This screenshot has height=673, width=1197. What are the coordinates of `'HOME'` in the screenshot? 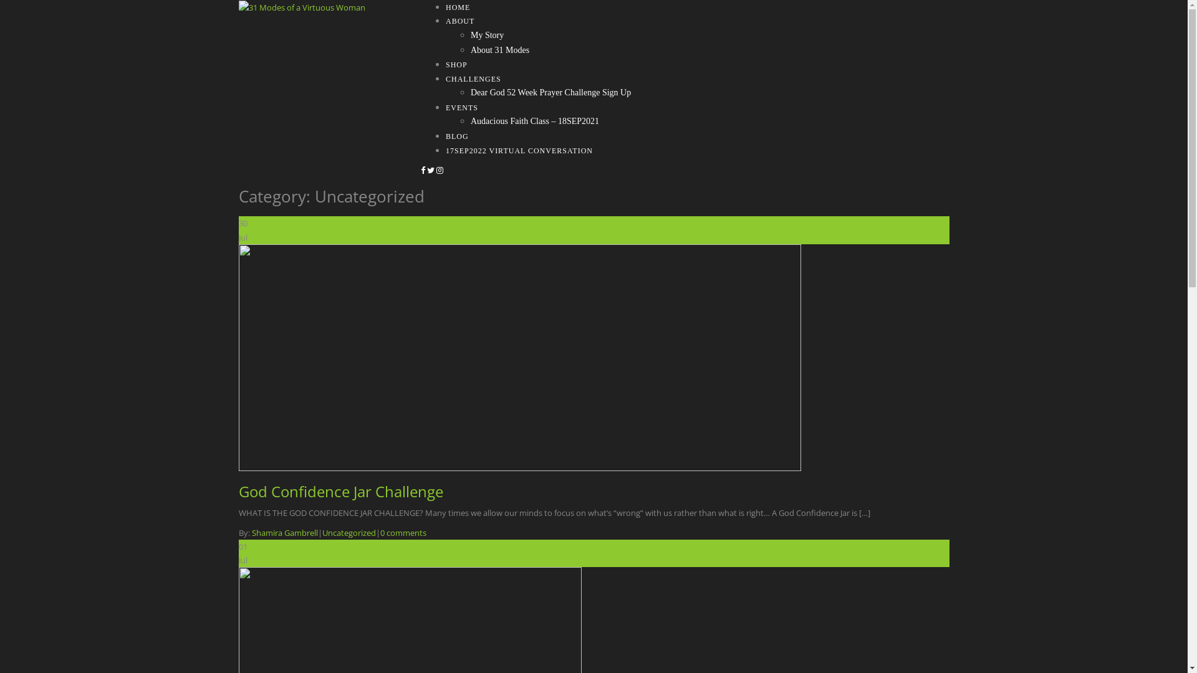 It's located at (457, 7).